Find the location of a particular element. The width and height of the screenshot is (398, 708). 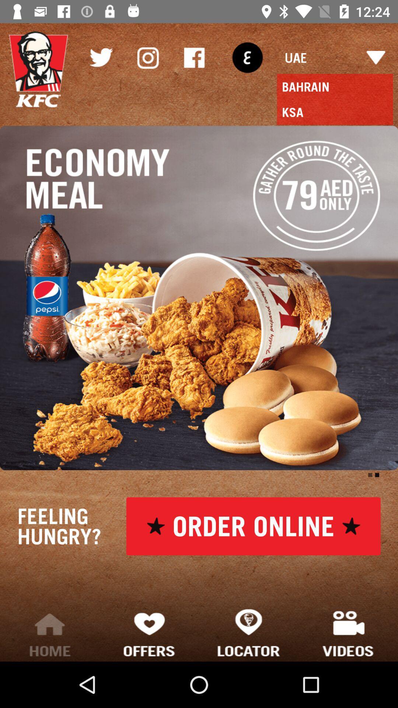

the ksa icon is located at coordinates (335, 112).